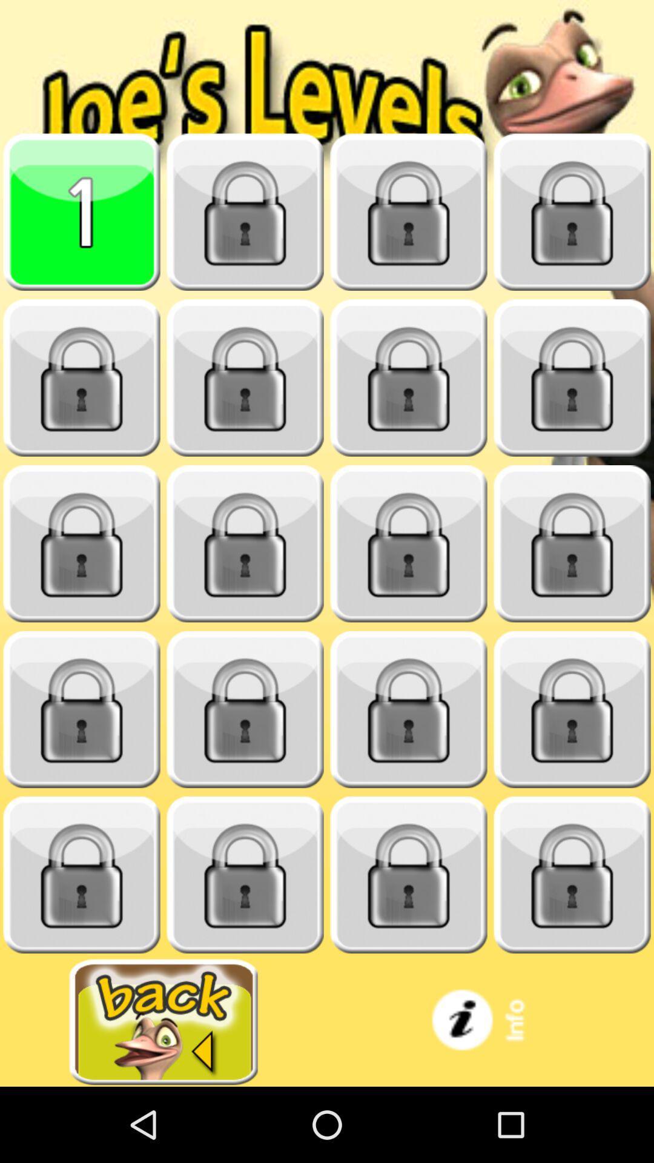 The height and width of the screenshot is (1163, 654). I want to click on closed, so click(82, 875).